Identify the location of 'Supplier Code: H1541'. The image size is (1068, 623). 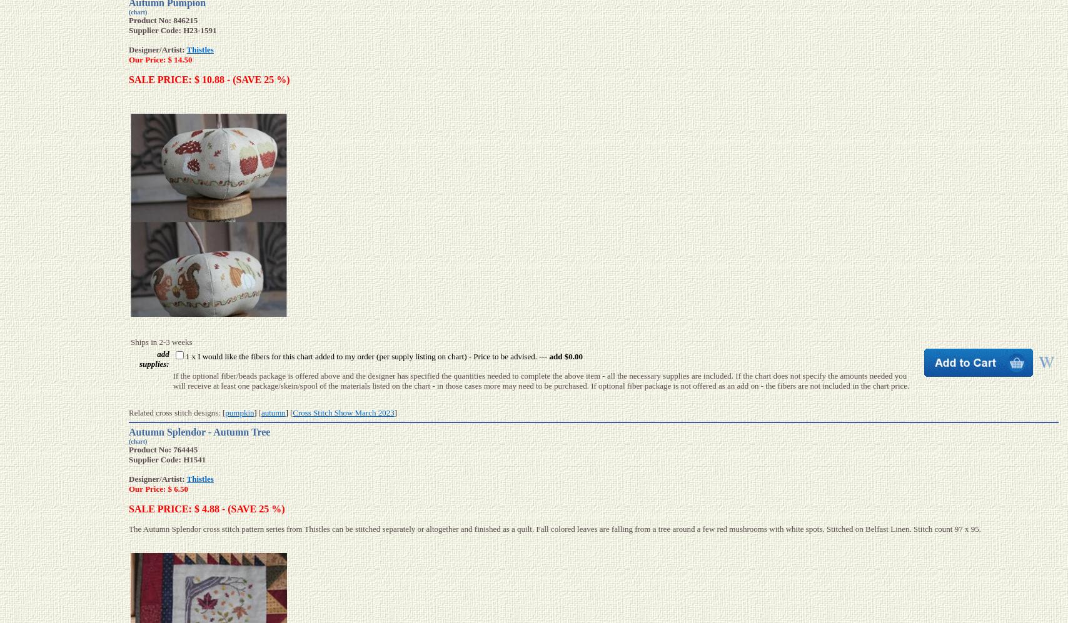
(128, 459).